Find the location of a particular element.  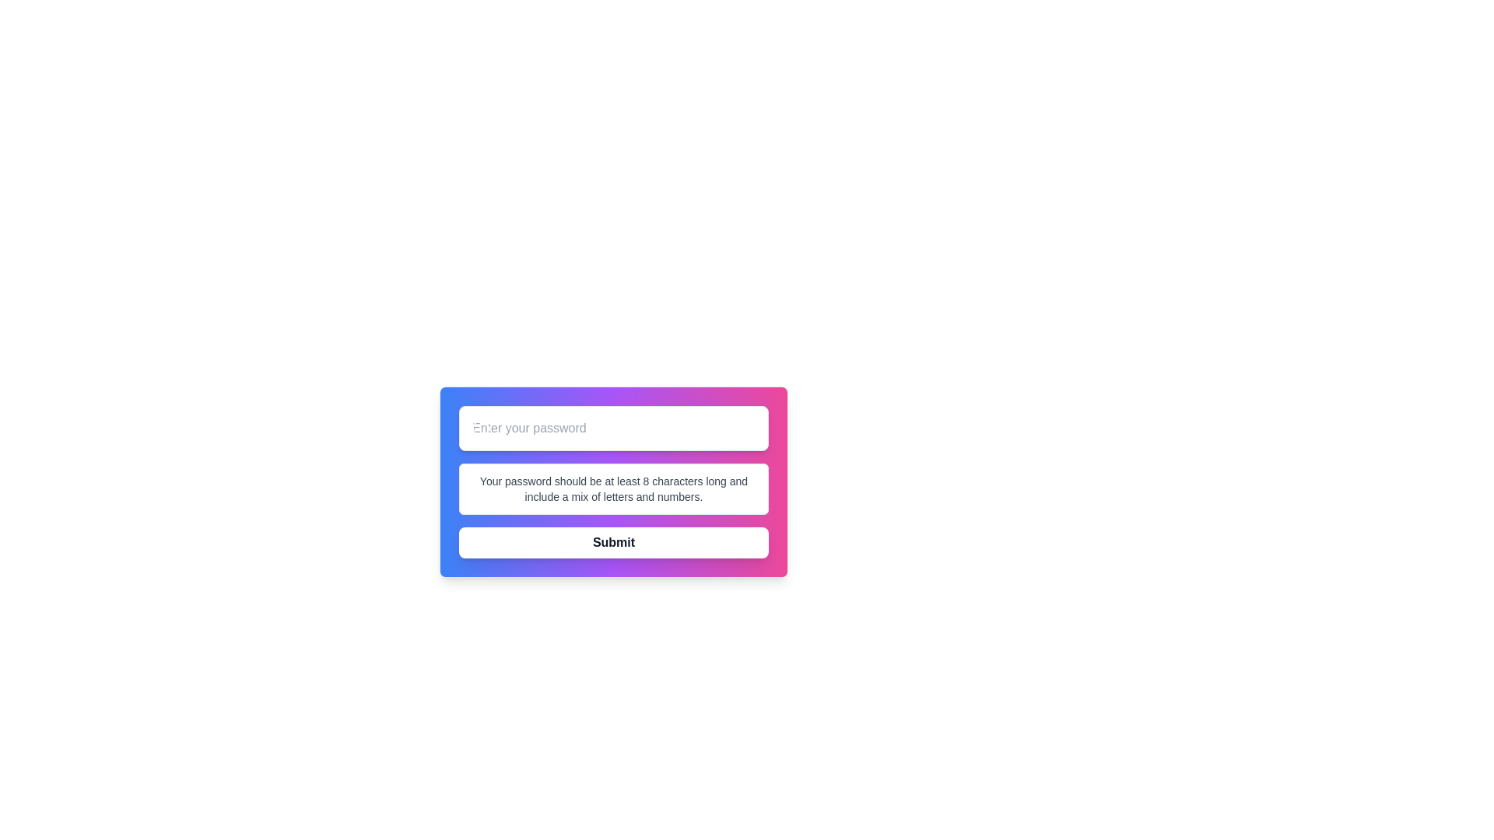

the circular white icon with an information symbol located to the left of the password input field is located at coordinates (480, 429).